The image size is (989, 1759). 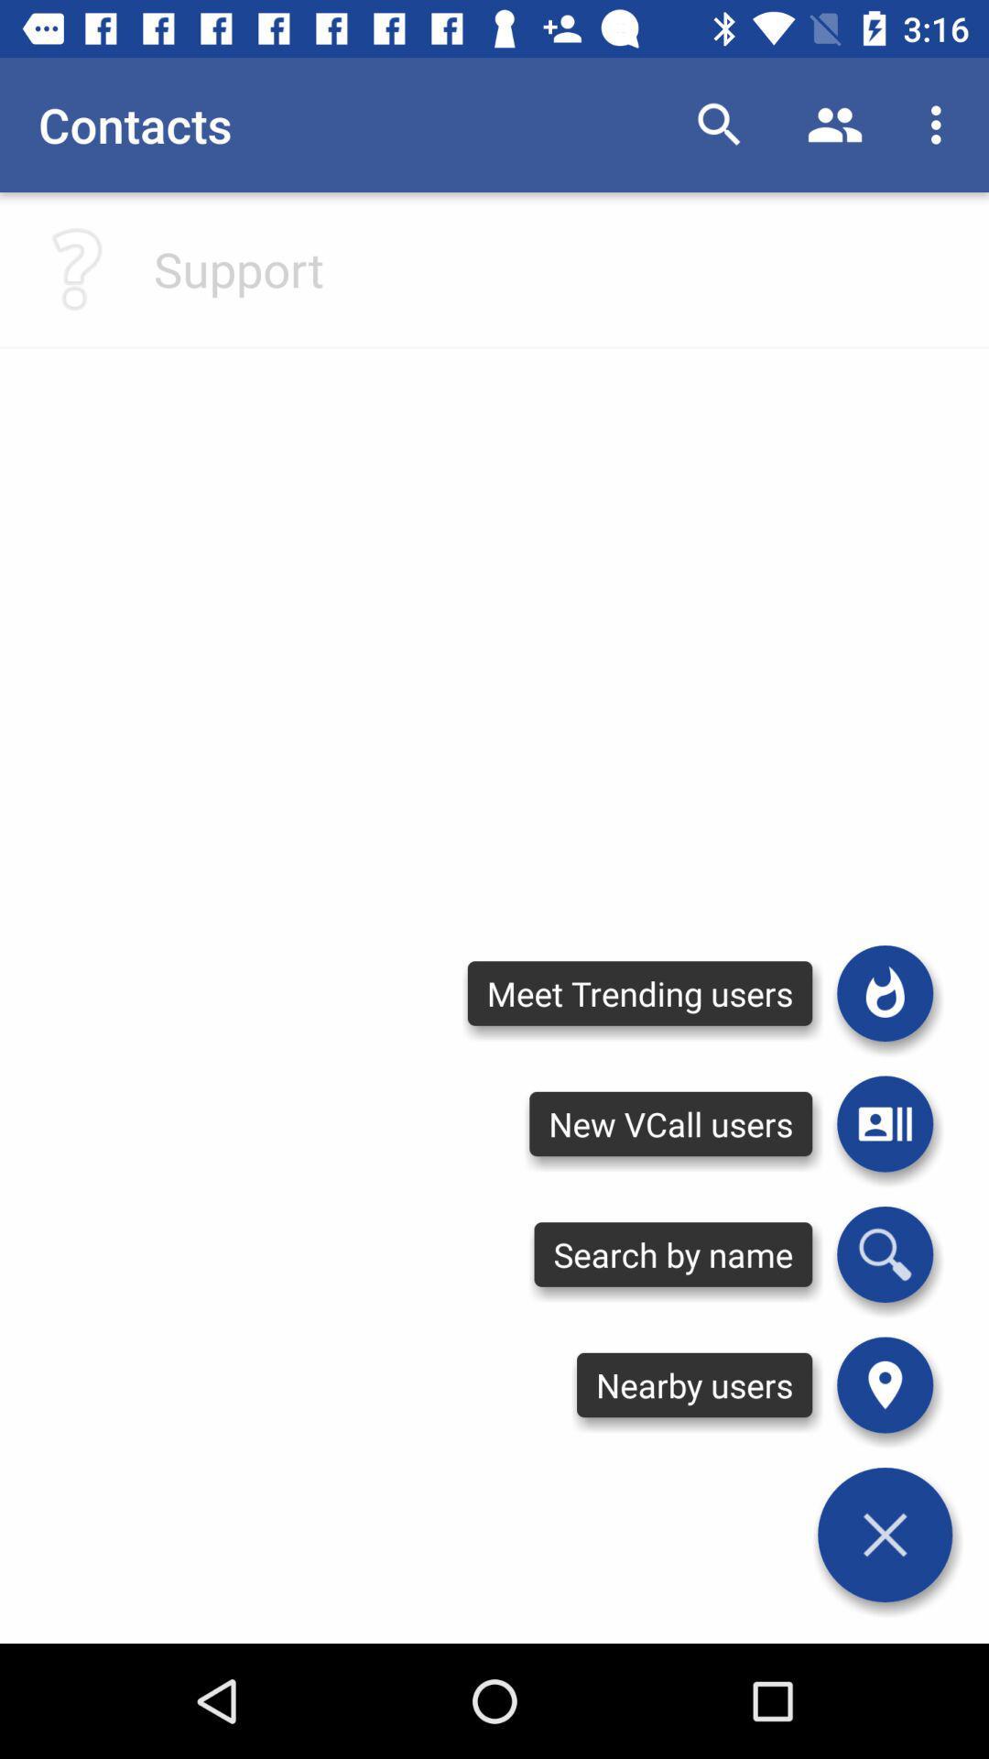 What do you see at coordinates (884, 1123) in the screenshot?
I see `item next to the meet trending users icon` at bounding box center [884, 1123].